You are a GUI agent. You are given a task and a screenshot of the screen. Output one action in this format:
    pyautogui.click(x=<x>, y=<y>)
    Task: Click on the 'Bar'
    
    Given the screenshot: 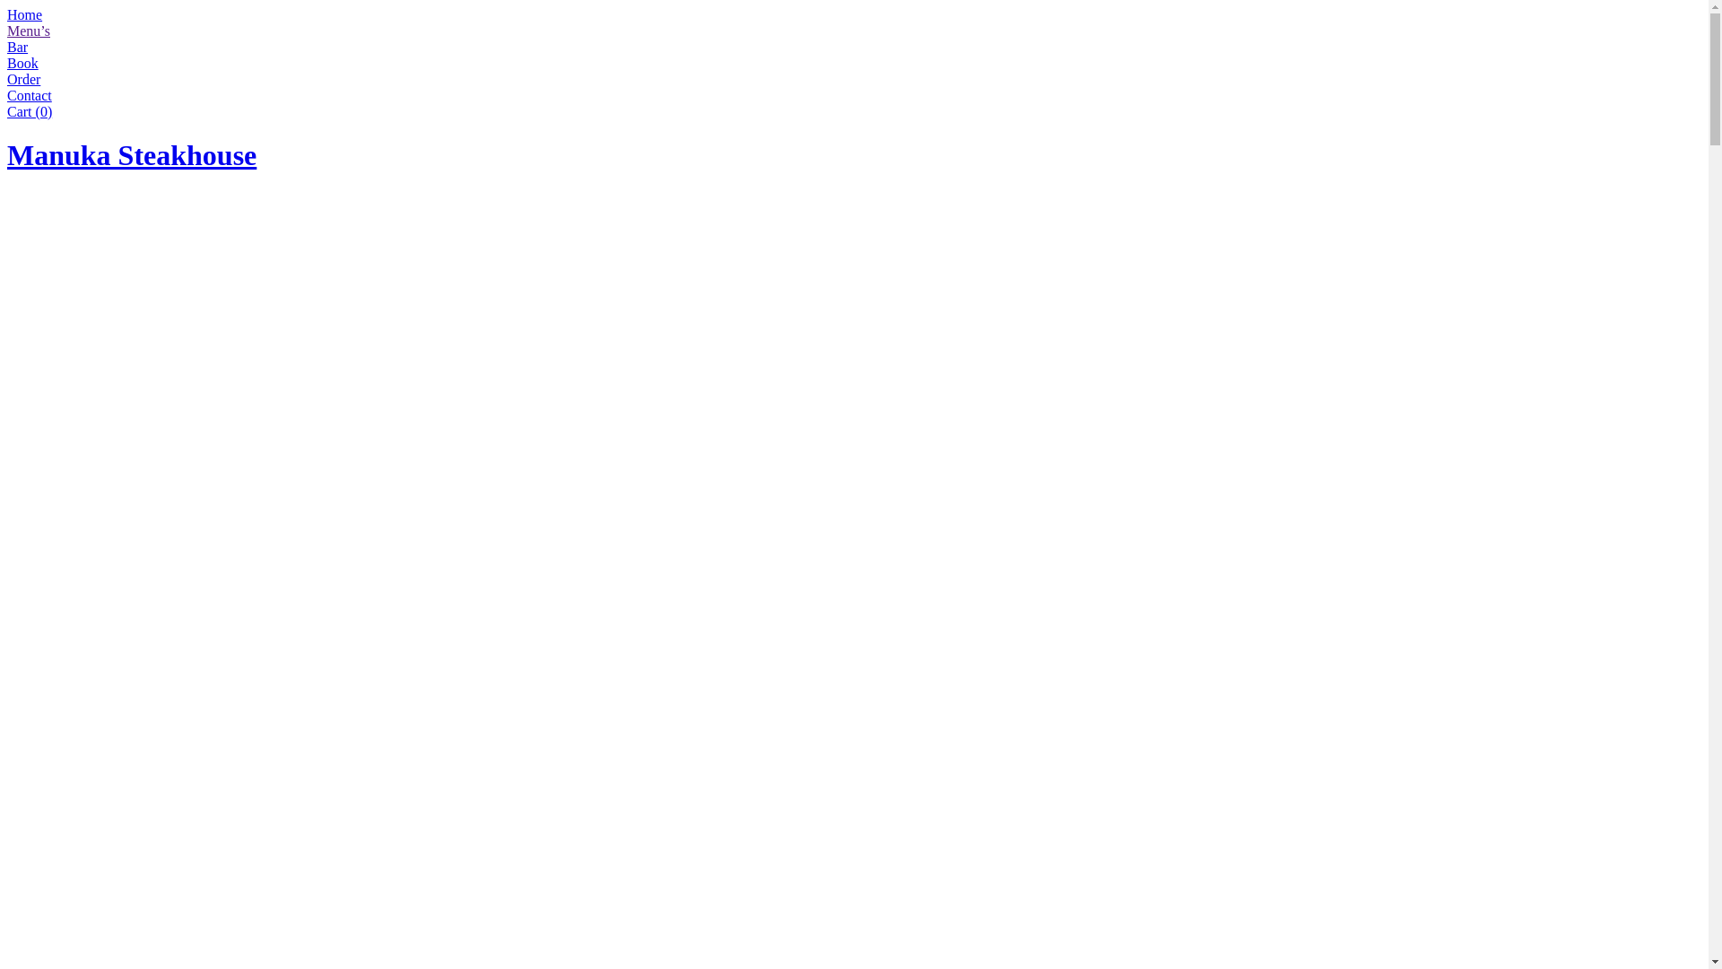 What is the action you would take?
    pyautogui.click(x=17, y=46)
    